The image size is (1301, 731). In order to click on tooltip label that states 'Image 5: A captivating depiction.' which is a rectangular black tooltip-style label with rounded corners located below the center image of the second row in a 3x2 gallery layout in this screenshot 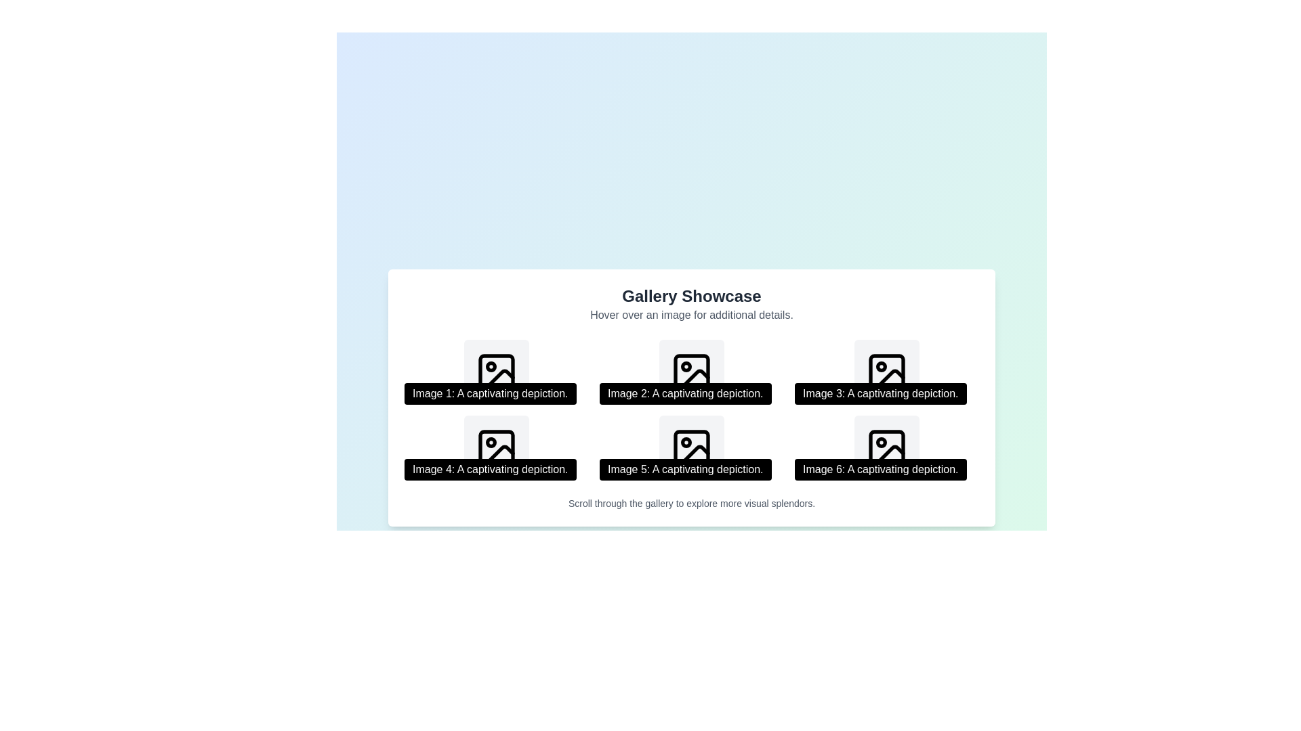, I will do `click(685, 469)`.